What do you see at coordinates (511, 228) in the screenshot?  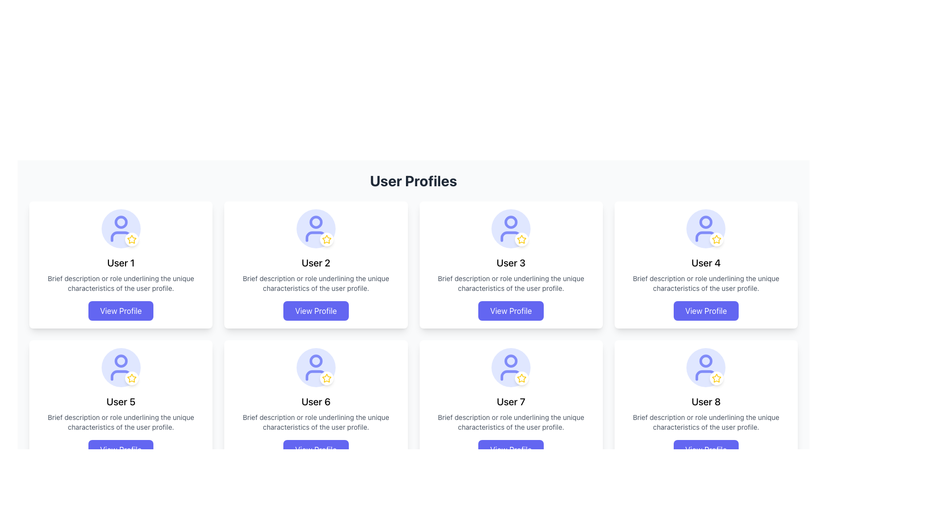 I see `the user profile SVG icon located in the third profile card at the top row for possible interaction` at bounding box center [511, 228].